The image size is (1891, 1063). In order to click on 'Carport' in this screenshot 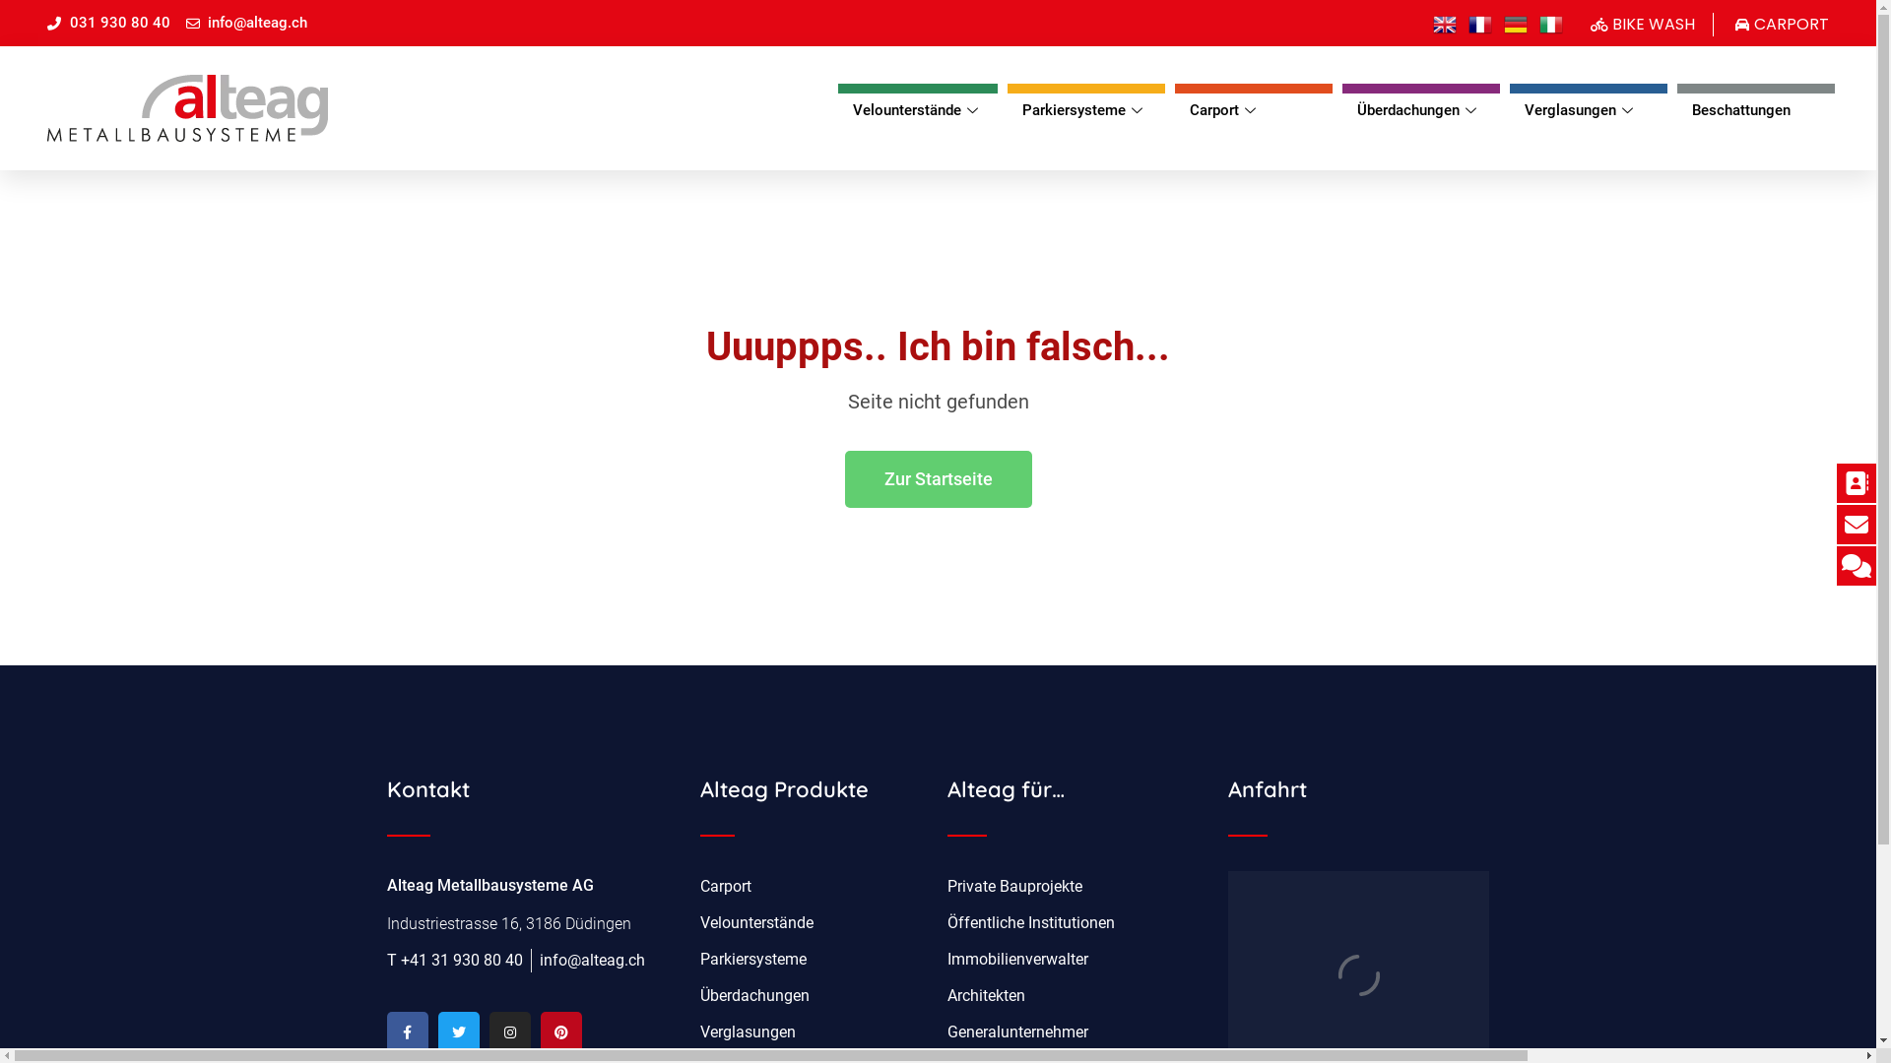, I will do `click(1252, 105)`.